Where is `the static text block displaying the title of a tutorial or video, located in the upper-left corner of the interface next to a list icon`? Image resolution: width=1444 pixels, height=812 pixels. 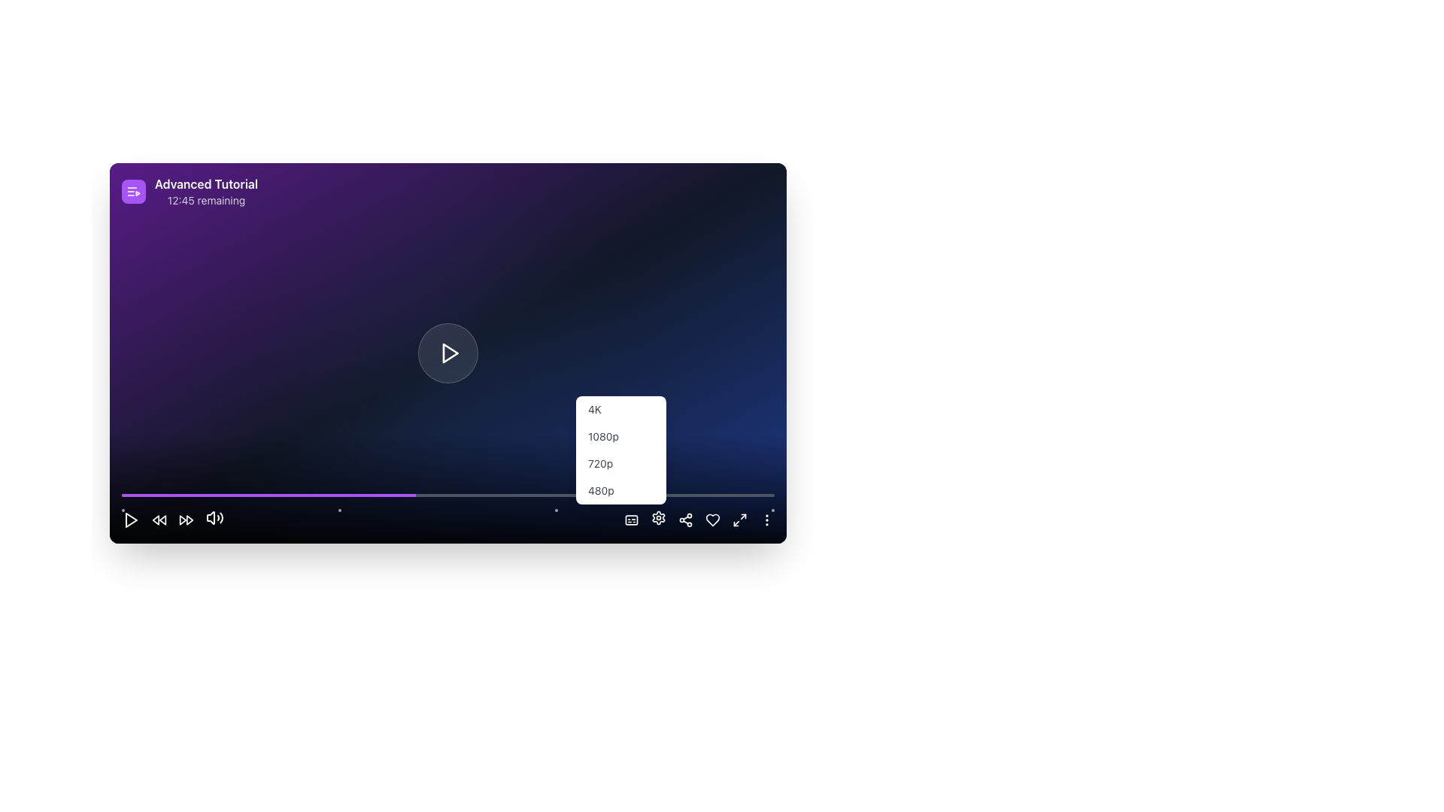
the static text block displaying the title of a tutorial or video, located in the upper-left corner of the interface next to a list icon is located at coordinates (205, 190).